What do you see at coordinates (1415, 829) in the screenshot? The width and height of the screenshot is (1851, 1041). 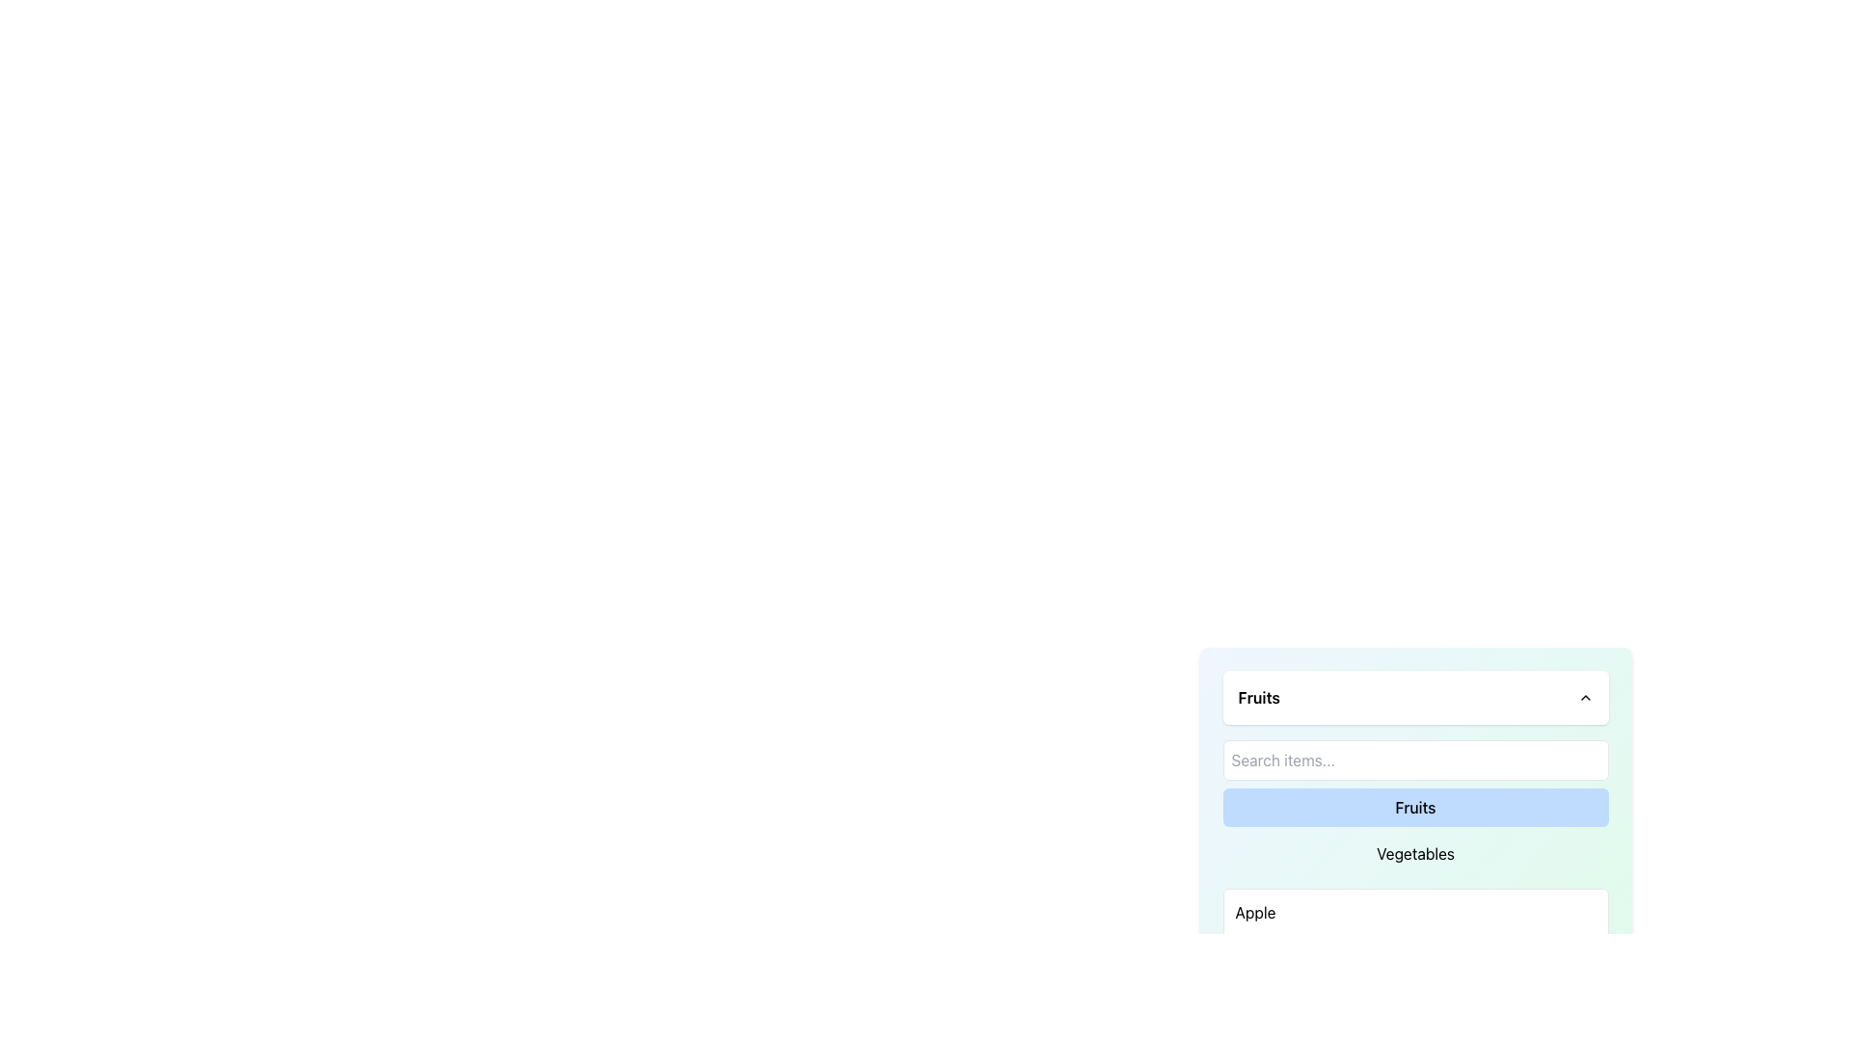 I see `the Category selector options, which include 'Fruits' with a blue background and 'Vegetables' with a white background` at bounding box center [1415, 829].